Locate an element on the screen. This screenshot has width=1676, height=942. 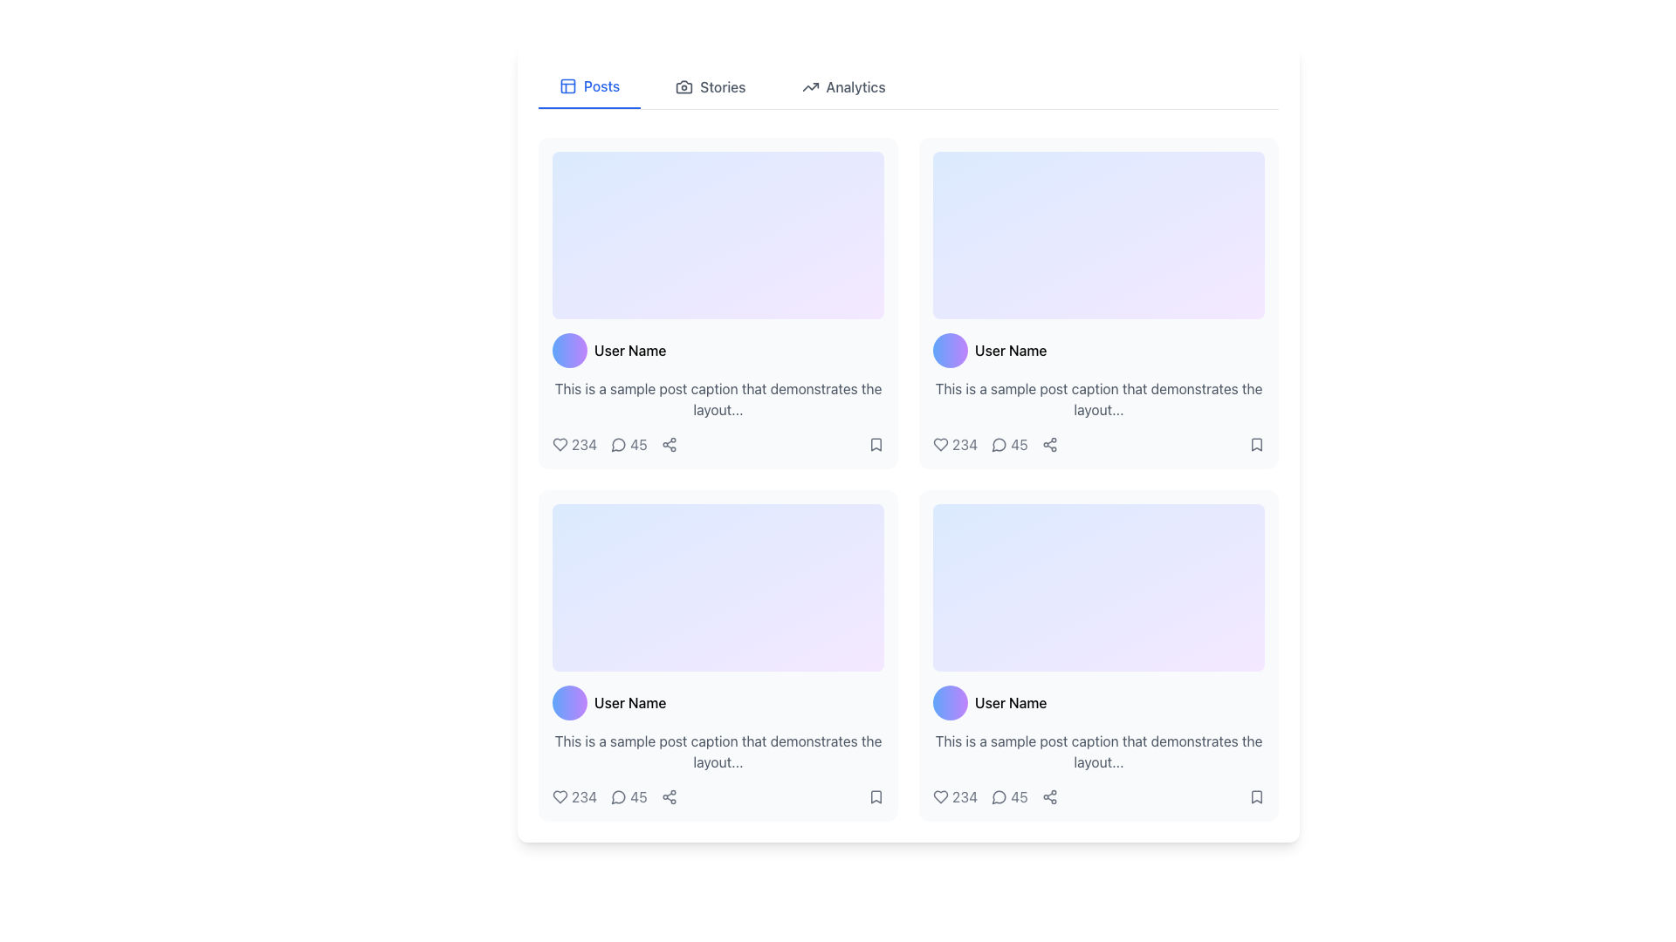
the circular speech bubble icon located in the lower section of the user post card is located at coordinates (619, 443).